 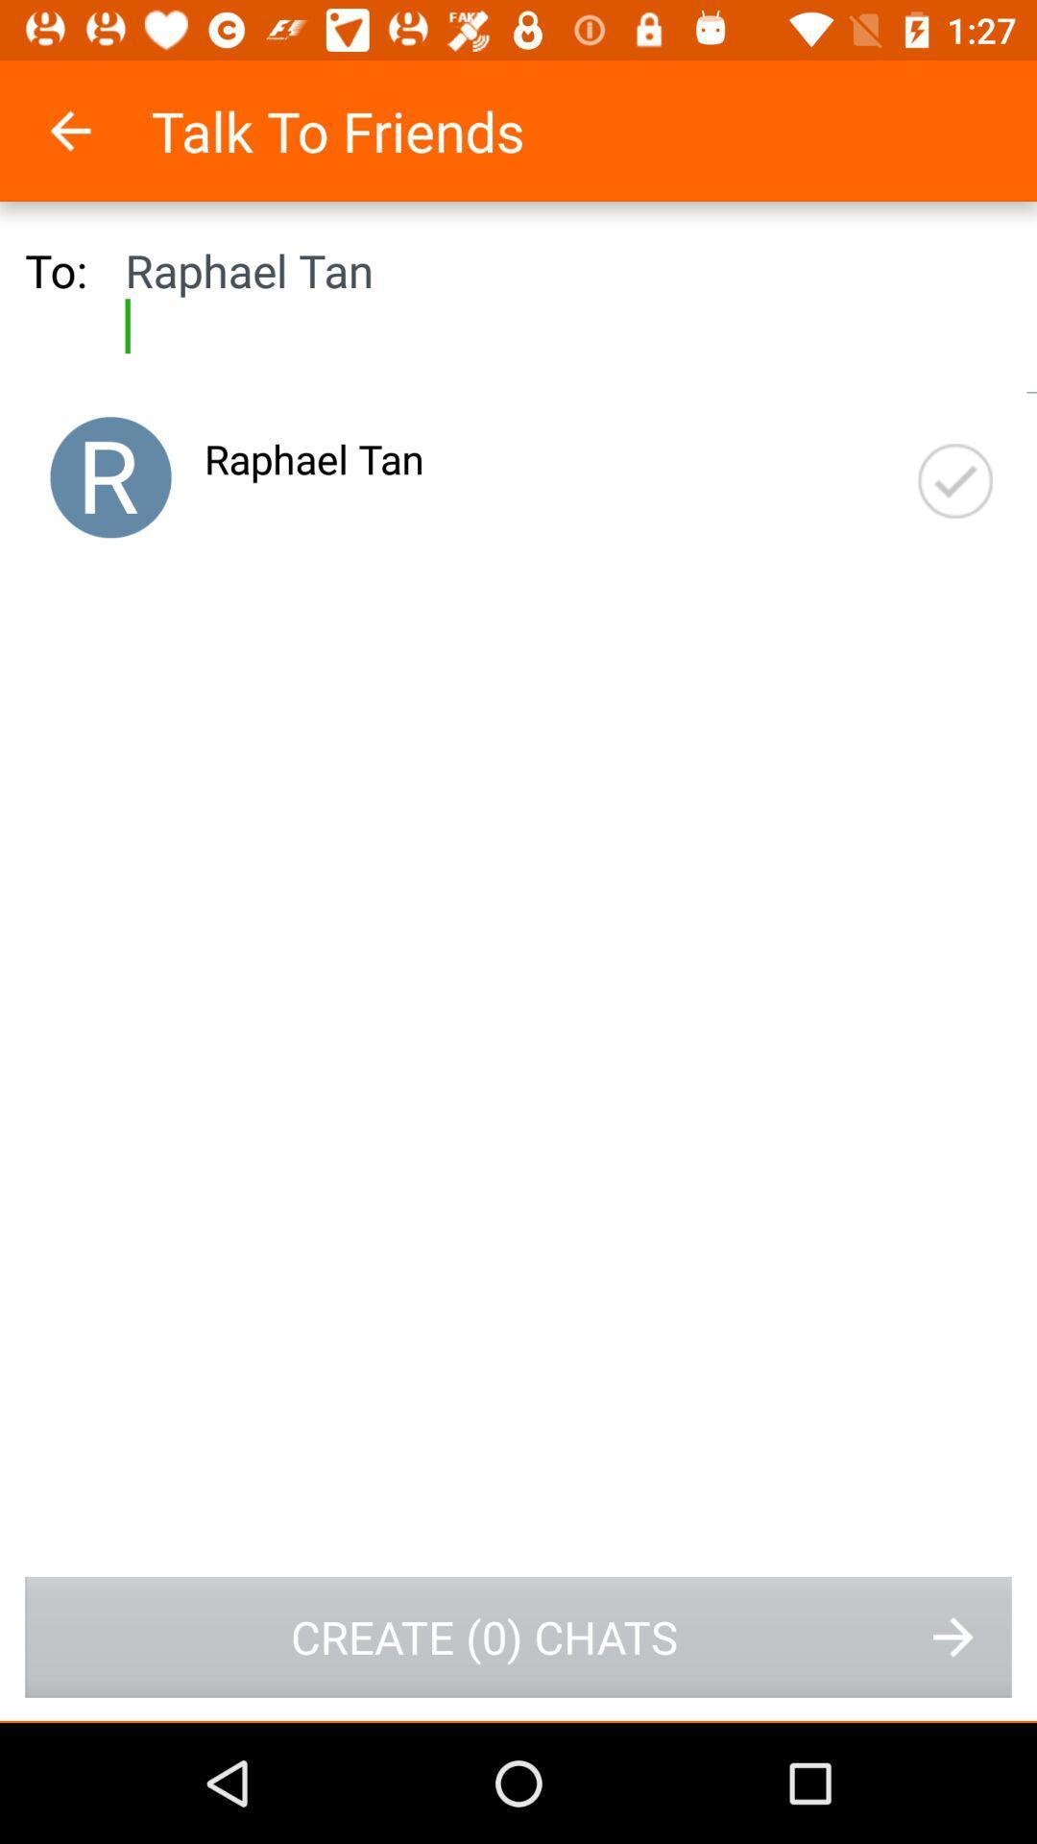 I want to click on use a photo instead of the person first letter in name, so click(x=110, y=477).